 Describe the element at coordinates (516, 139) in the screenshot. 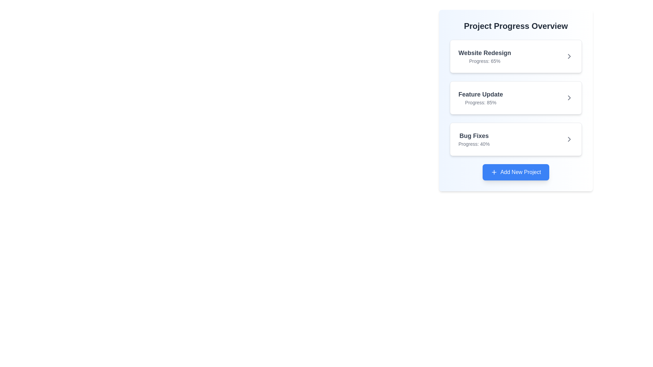

I see `the clickable list item titled 'Bug Fixes' with progress information showing 'Progress: 40%' for context menu access` at that location.